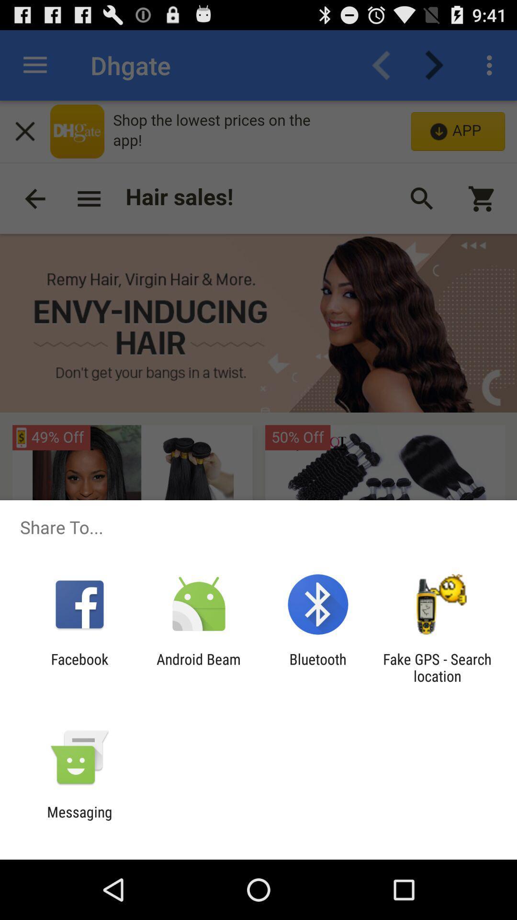 This screenshot has width=517, height=920. I want to click on item next to the android beam, so click(79, 667).